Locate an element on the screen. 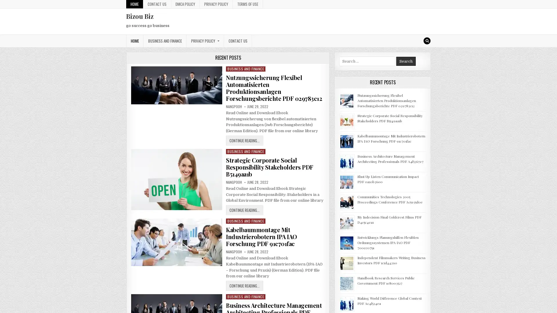 The width and height of the screenshot is (557, 313). Search is located at coordinates (406, 61).